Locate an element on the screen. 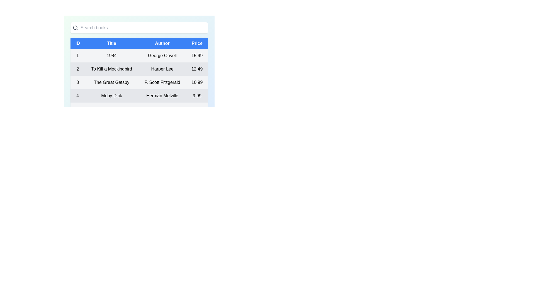 The width and height of the screenshot is (535, 301). the text label displaying '1984' located in the second column of a table, under the 'Title' column header is located at coordinates (111, 56).